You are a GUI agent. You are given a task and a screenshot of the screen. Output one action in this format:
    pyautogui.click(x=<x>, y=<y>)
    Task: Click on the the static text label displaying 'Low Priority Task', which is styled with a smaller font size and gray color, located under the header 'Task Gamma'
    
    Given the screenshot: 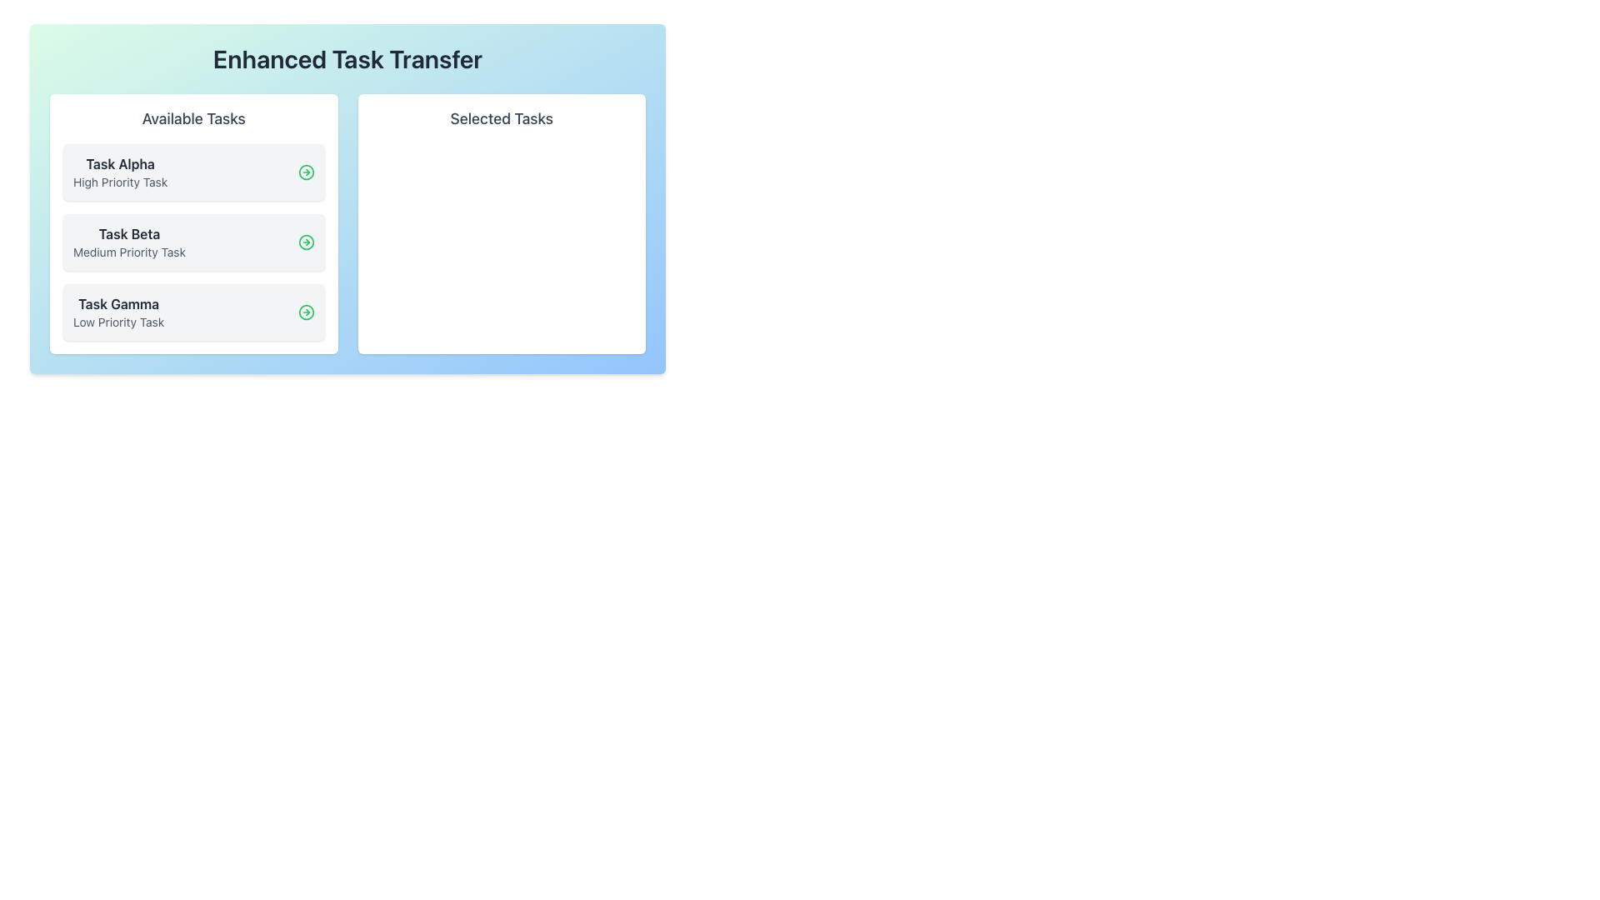 What is the action you would take?
    pyautogui.click(x=117, y=322)
    